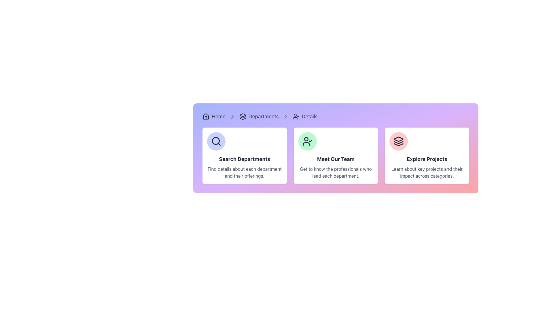 The width and height of the screenshot is (553, 311). Describe the element at coordinates (307, 141) in the screenshot. I see `the icon representing the topic of the card related to team management or verification, located in the second card titled 'Meet Our Team'` at that location.